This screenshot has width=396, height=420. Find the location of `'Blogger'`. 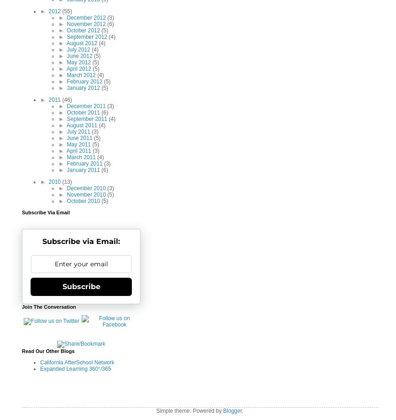

'Blogger' is located at coordinates (232, 410).